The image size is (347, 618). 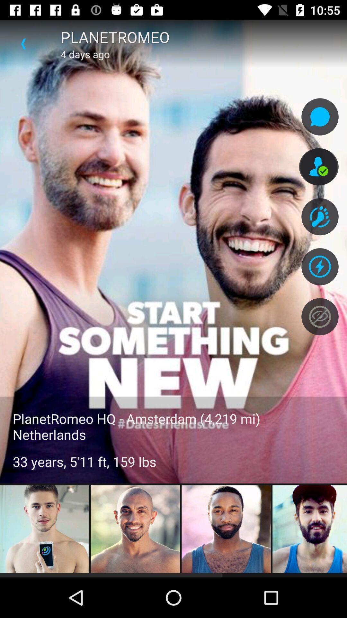 What do you see at coordinates (23, 43) in the screenshot?
I see `the icon to the left of planetromeo icon` at bounding box center [23, 43].